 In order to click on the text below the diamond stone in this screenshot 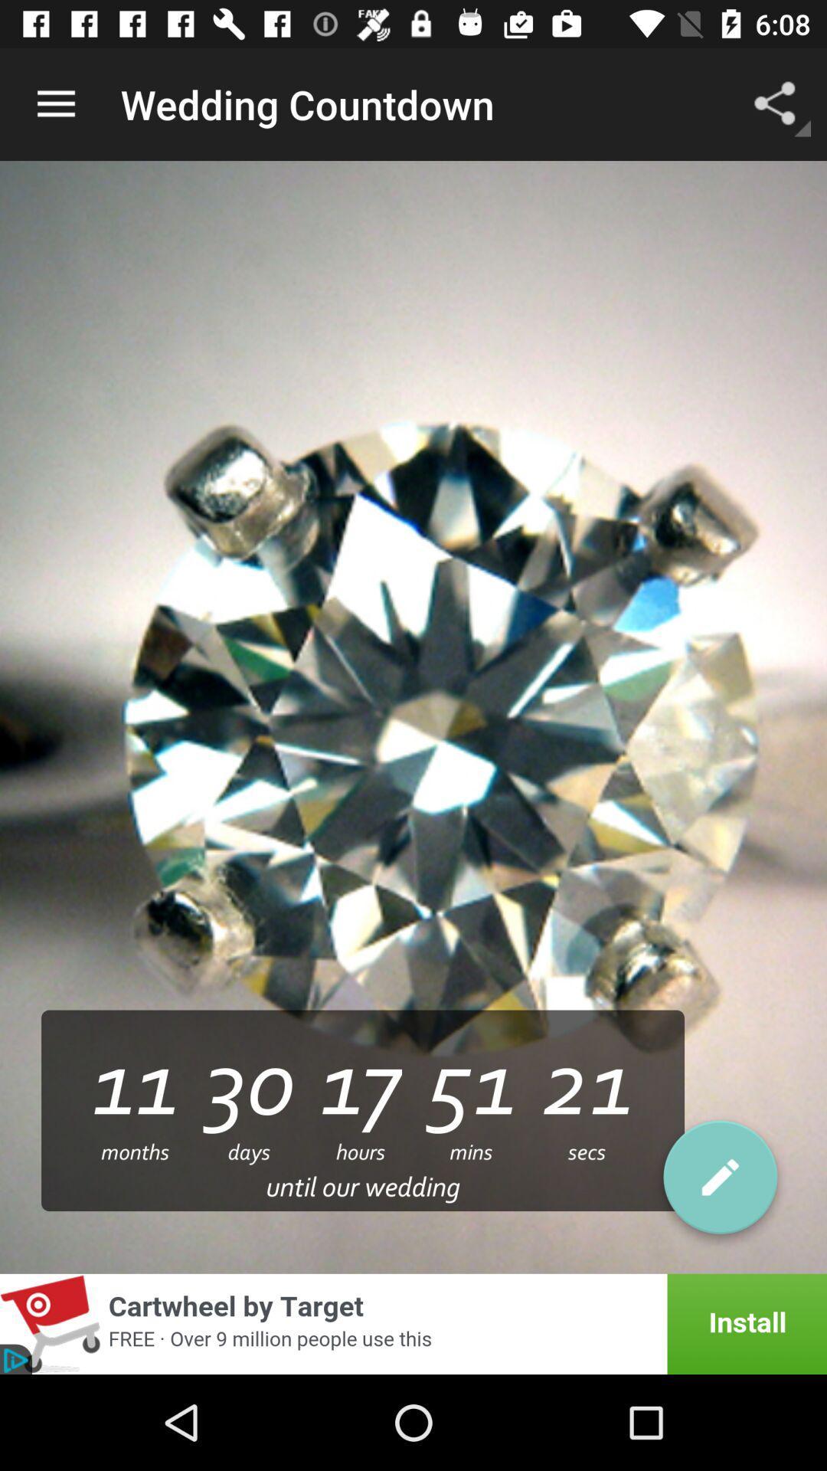, I will do `click(363, 1110)`.